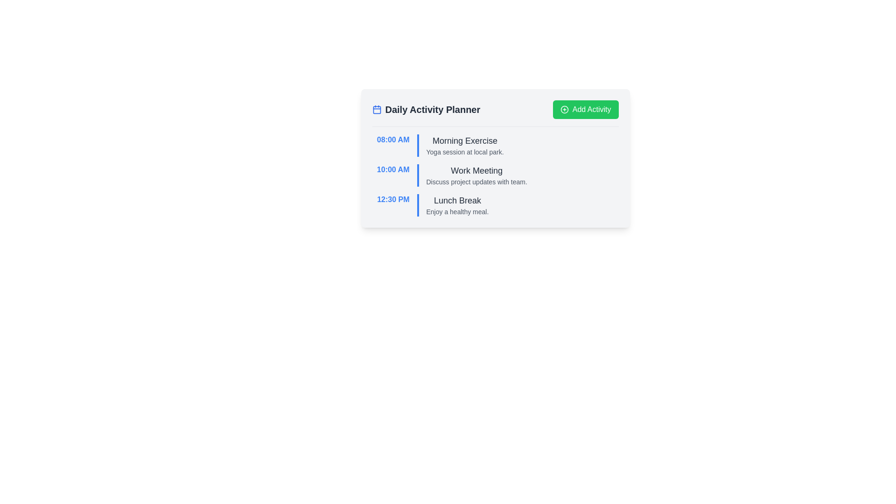 The height and width of the screenshot is (504, 896). Describe the element at coordinates (453, 204) in the screenshot. I see `text content of the informational panel that provides details about the 'Lunch Break' scheduled activity, located to the right of the time '12:30 PM'` at that location.